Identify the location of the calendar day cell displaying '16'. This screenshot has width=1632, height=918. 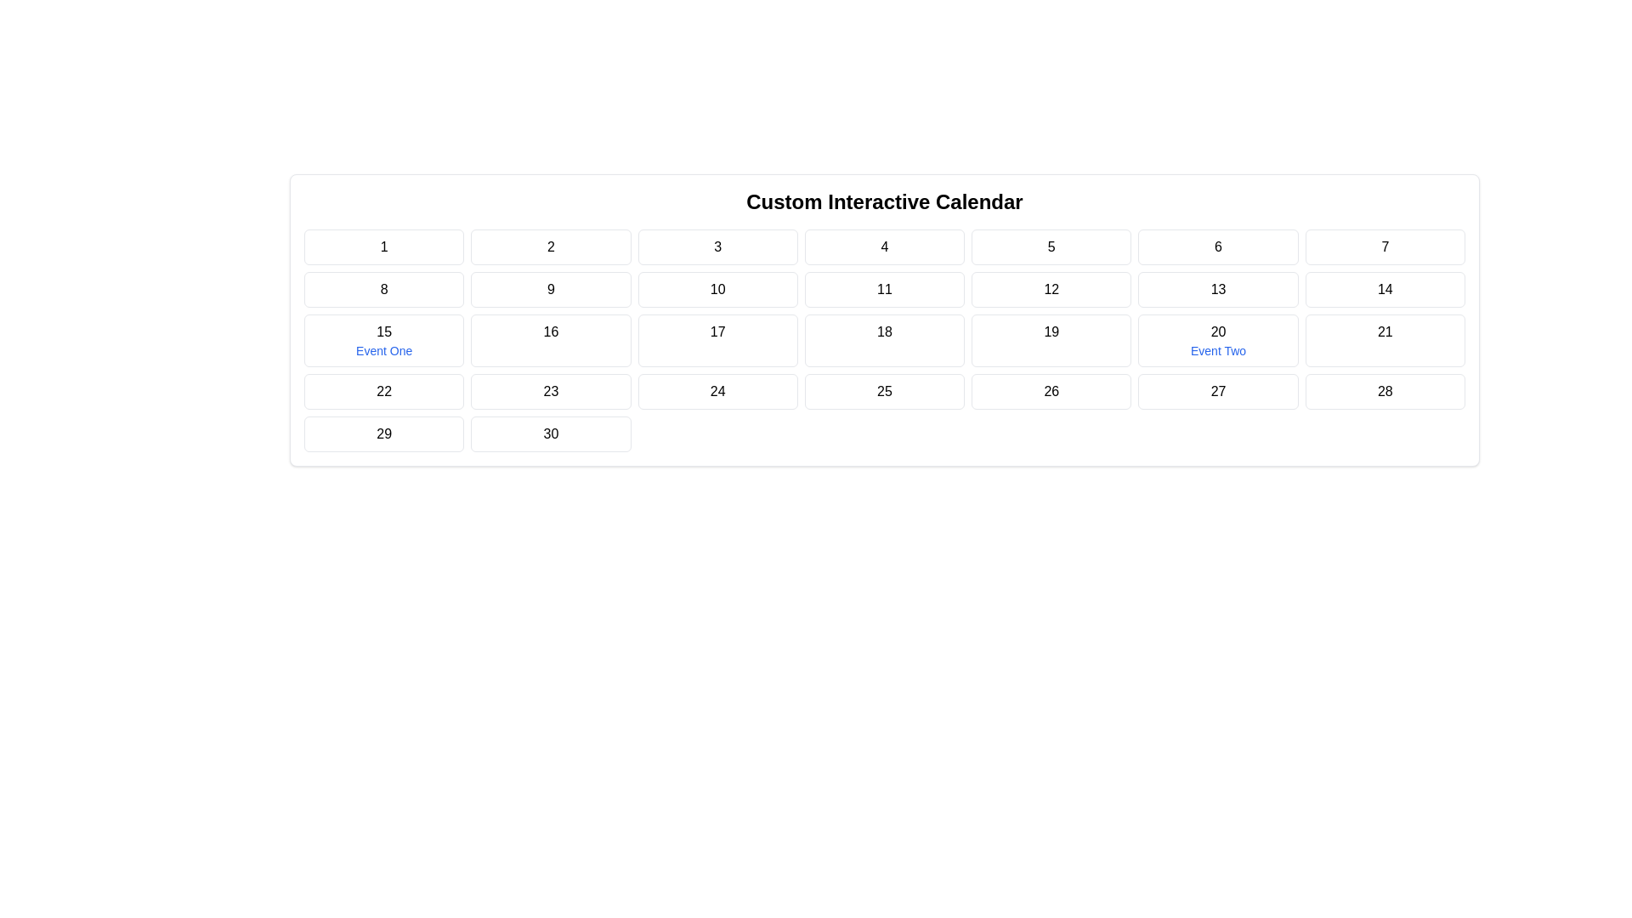
(551, 341).